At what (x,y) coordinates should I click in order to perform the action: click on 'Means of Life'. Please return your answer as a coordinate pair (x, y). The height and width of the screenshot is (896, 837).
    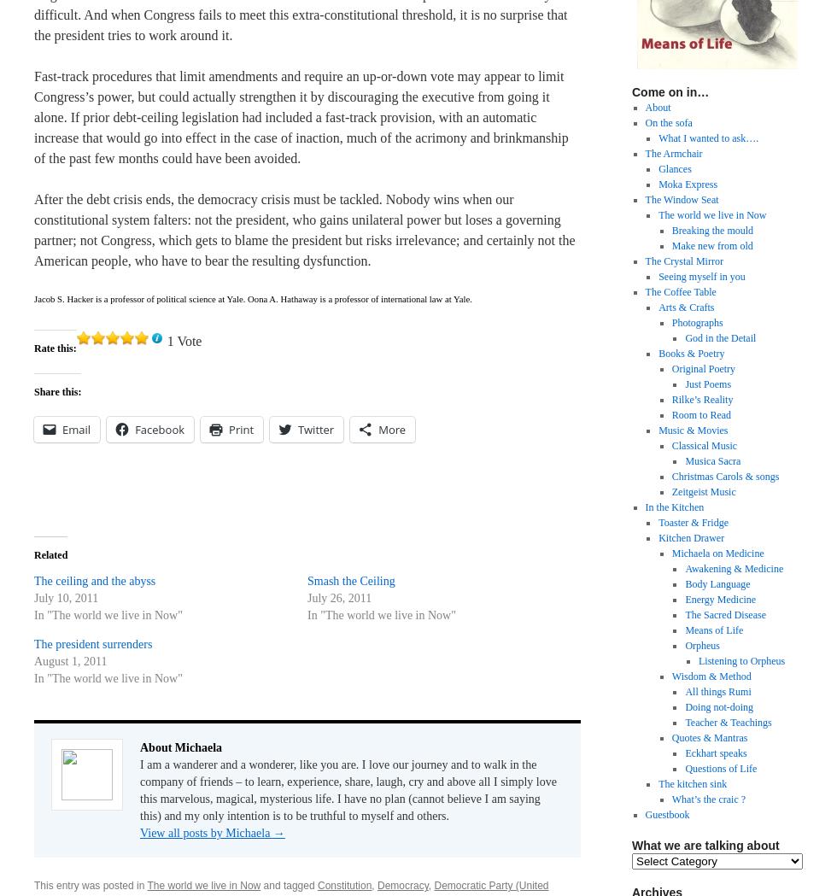
    Looking at the image, I should click on (714, 629).